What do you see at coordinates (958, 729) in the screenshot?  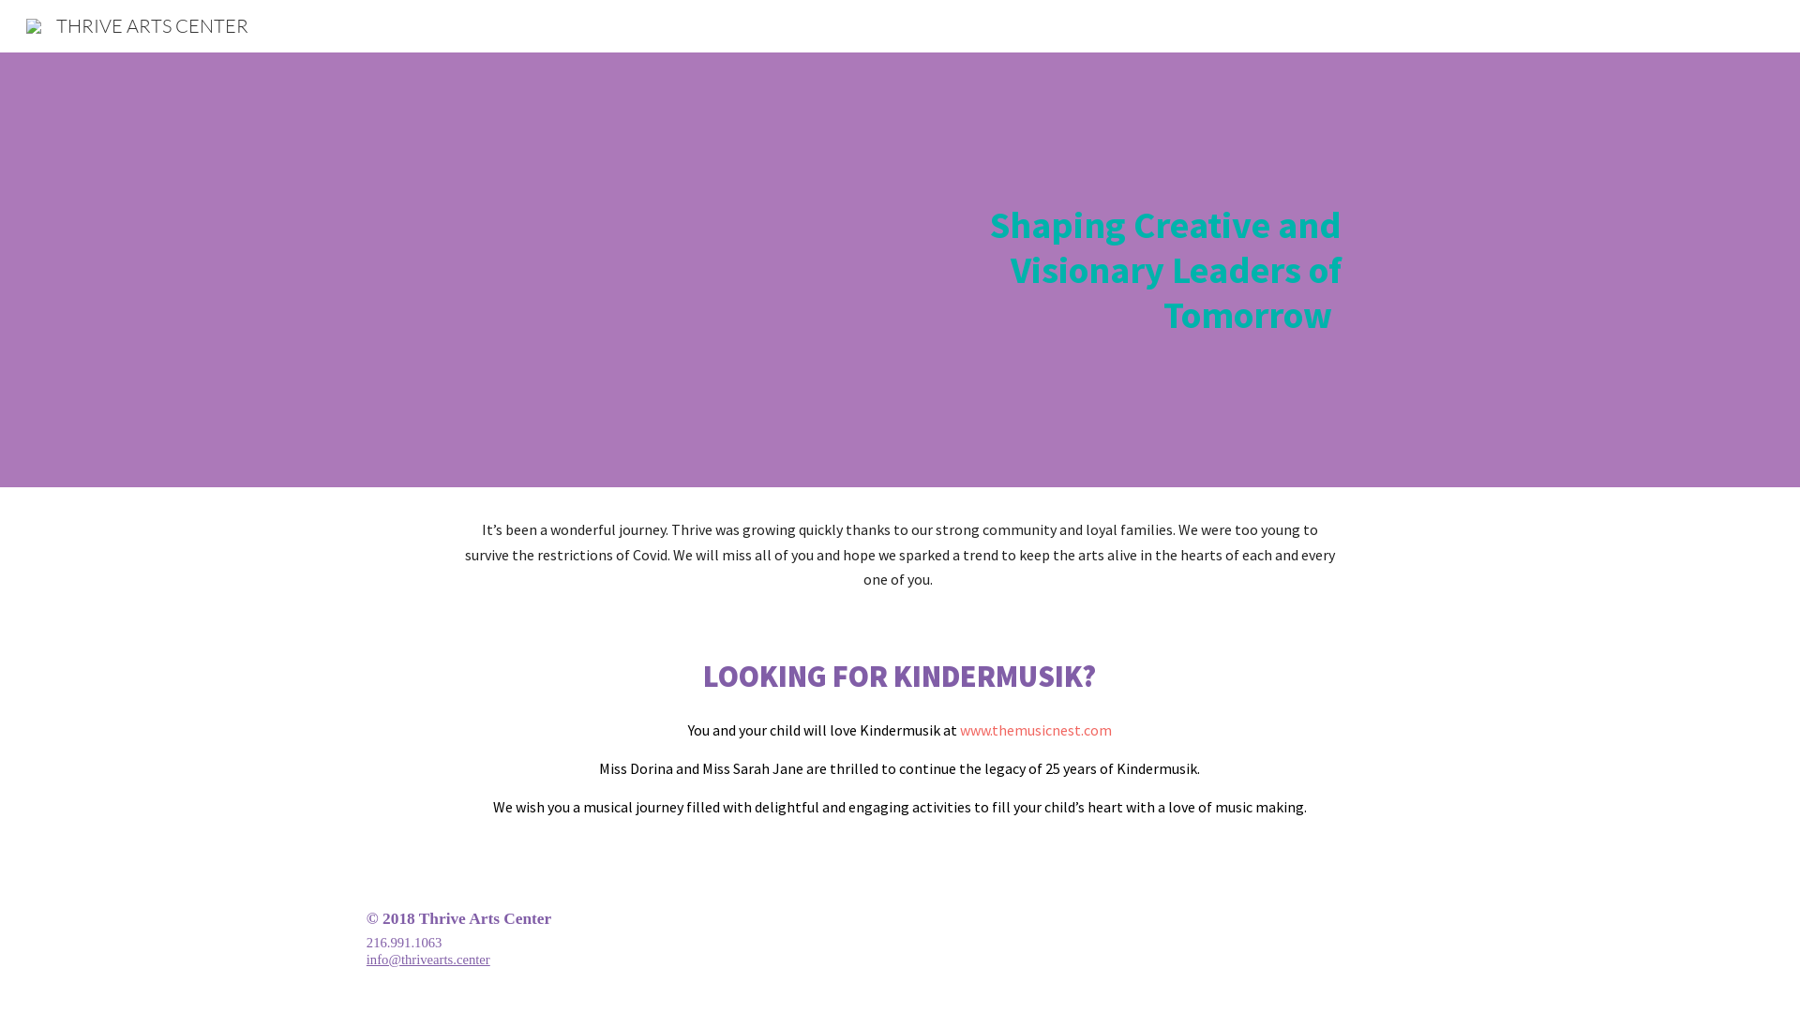 I see `' '` at bounding box center [958, 729].